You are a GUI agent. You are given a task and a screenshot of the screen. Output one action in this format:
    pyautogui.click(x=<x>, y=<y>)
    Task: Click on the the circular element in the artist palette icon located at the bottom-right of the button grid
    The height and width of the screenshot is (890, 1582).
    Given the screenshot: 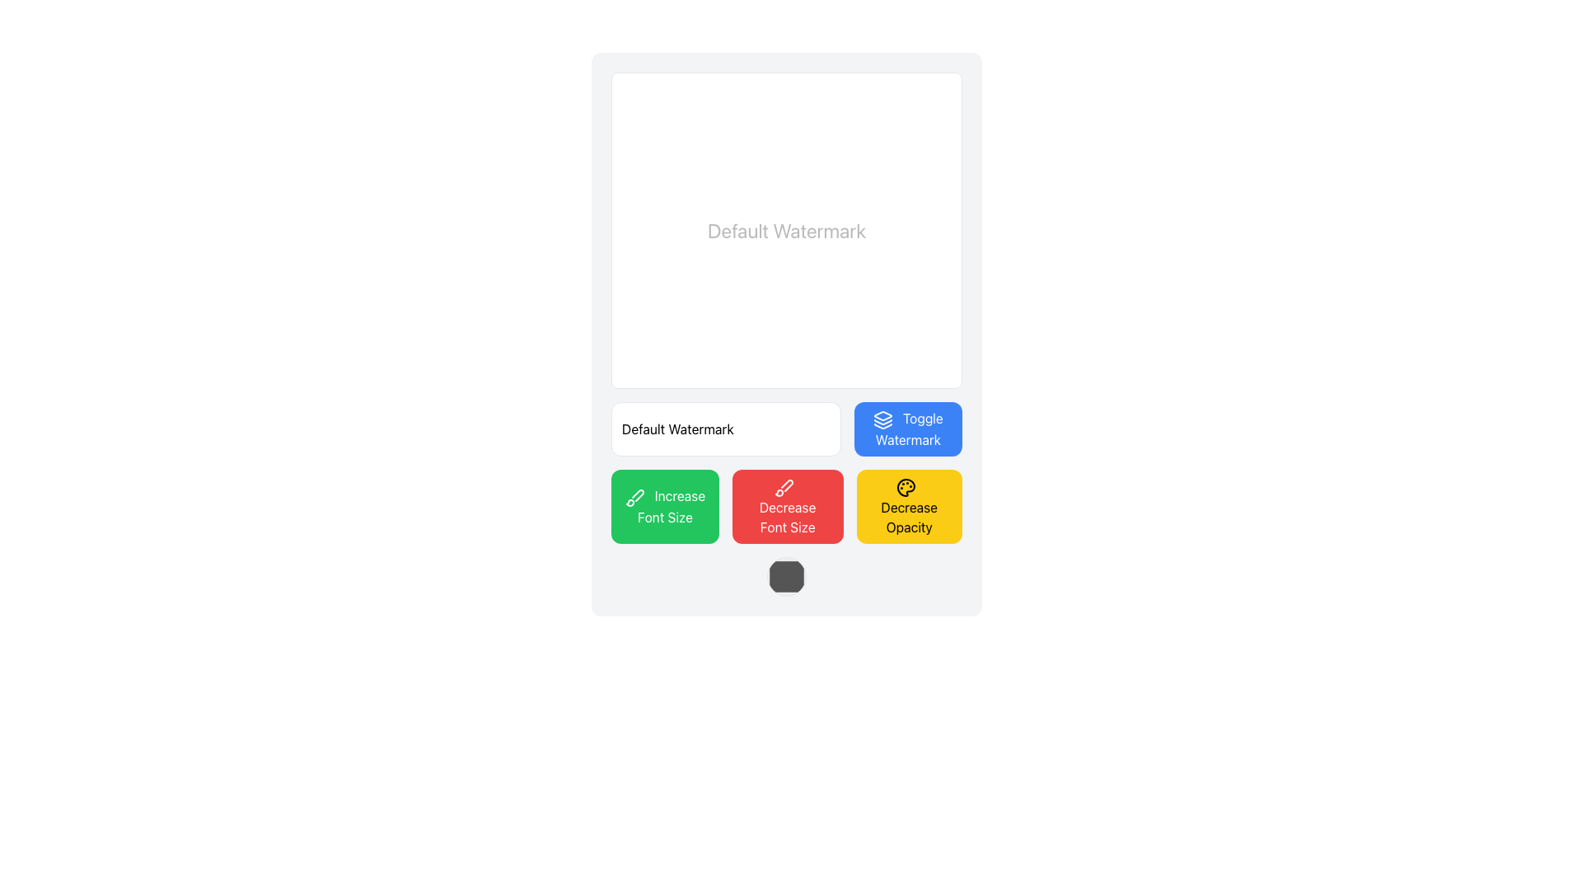 What is the action you would take?
    pyautogui.click(x=905, y=486)
    